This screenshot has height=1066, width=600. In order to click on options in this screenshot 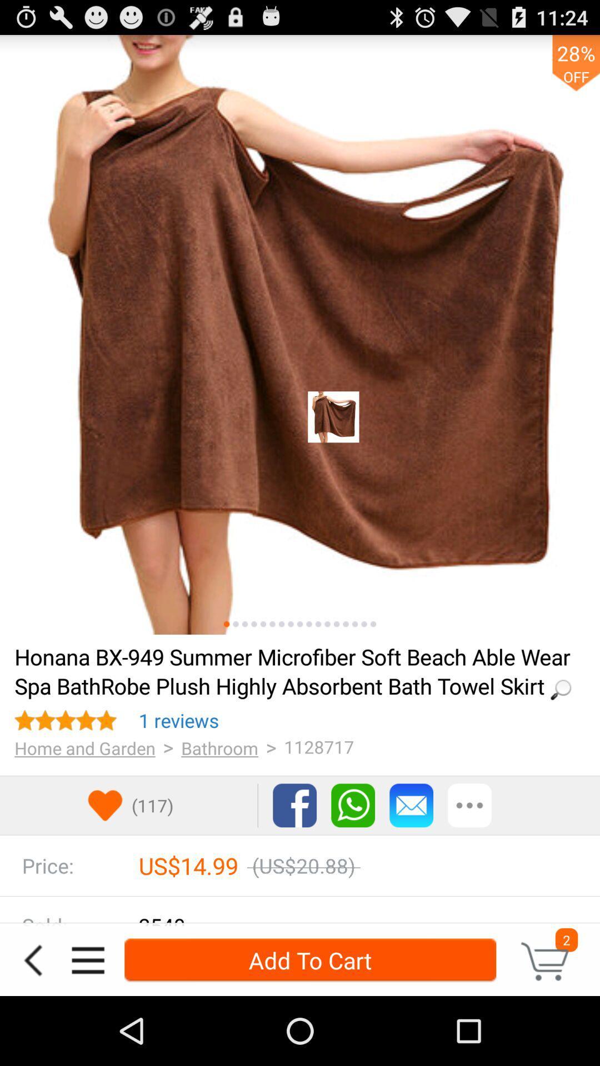, I will do `click(469, 805)`.